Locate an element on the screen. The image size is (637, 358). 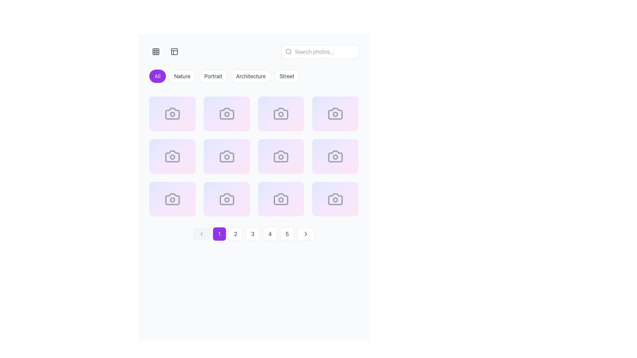
the rightward arrow icon is located at coordinates (306, 234).